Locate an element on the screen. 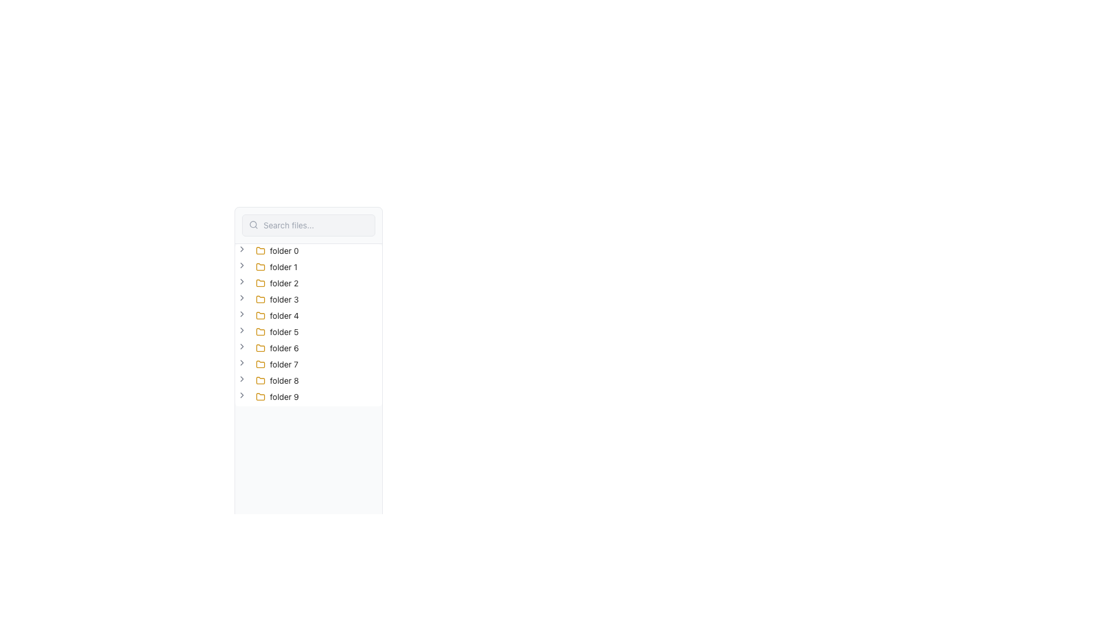 This screenshot has width=1112, height=626. the search input field at the top-left corner of the interface to focus on it is located at coordinates (308, 225).